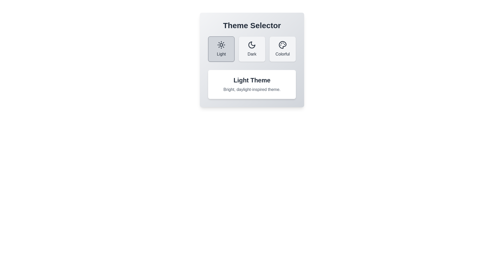 The image size is (497, 279). What do you see at coordinates (221, 49) in the screenshot?
I see `'Light' theme button located in the top-left corner of the theme selection widget for additional details` at bounding box center [221, 49].